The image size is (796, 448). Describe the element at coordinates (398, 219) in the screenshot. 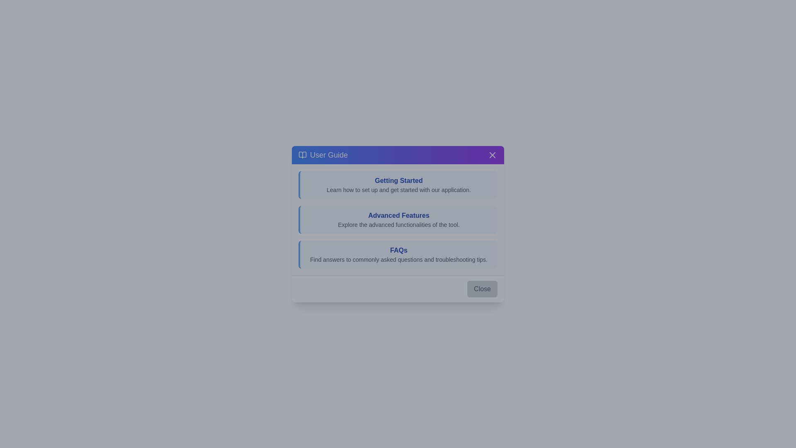

I see `the Informational section with heading and description located centrally within the 'User Guide' dialog box, which is the second option in the list between 'Getting Started' and 'FAQs'` at that location.